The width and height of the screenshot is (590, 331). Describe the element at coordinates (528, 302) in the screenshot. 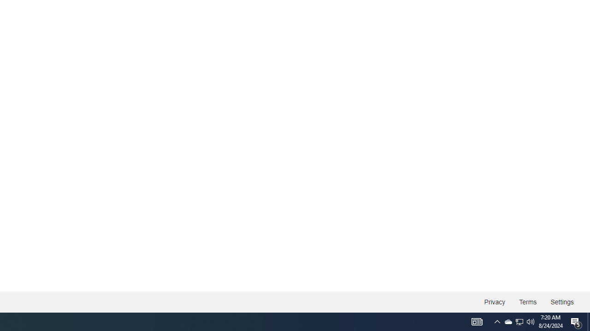

I see `'Terms'` at that location.